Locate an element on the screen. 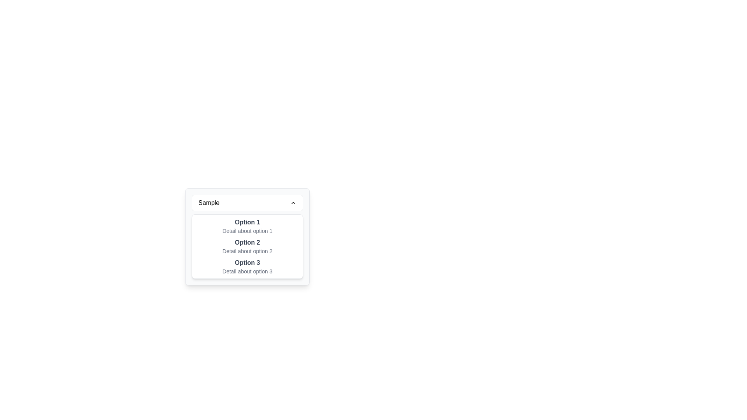  the second option in the dropdown menu, which is located directly below 'Option 1' and above 'Option 3' is located at coordinates (247, 240).